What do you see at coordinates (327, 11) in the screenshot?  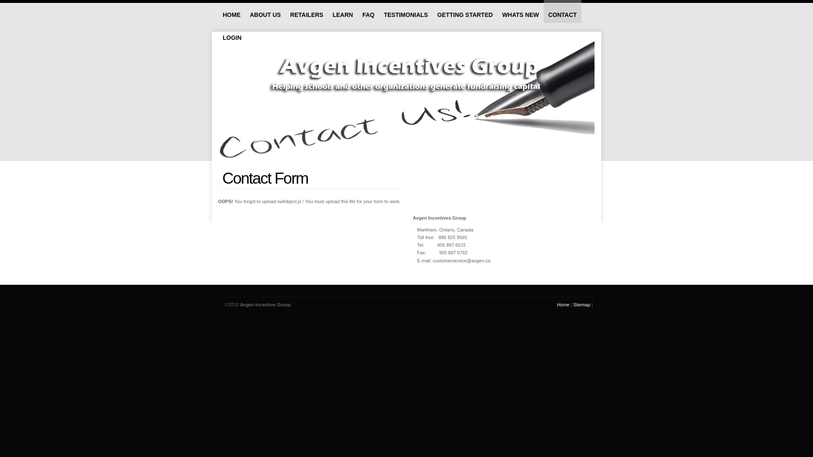 I see `'LEARN'` at bounding box center [327, 11].